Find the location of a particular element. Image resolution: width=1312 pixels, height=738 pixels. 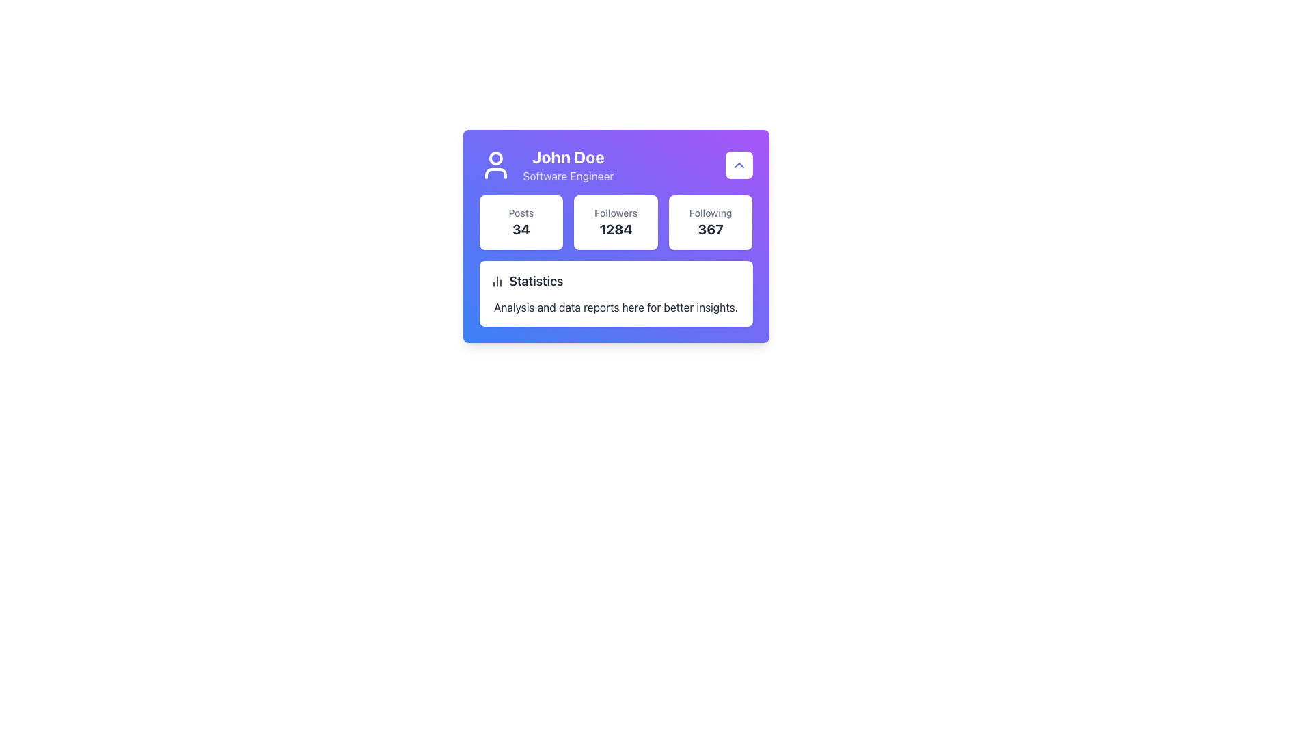

the upward-pointing chevron icon outlined in dark hue located at the top-right corner of the user's profile information card is located at coordinates (738, 165).